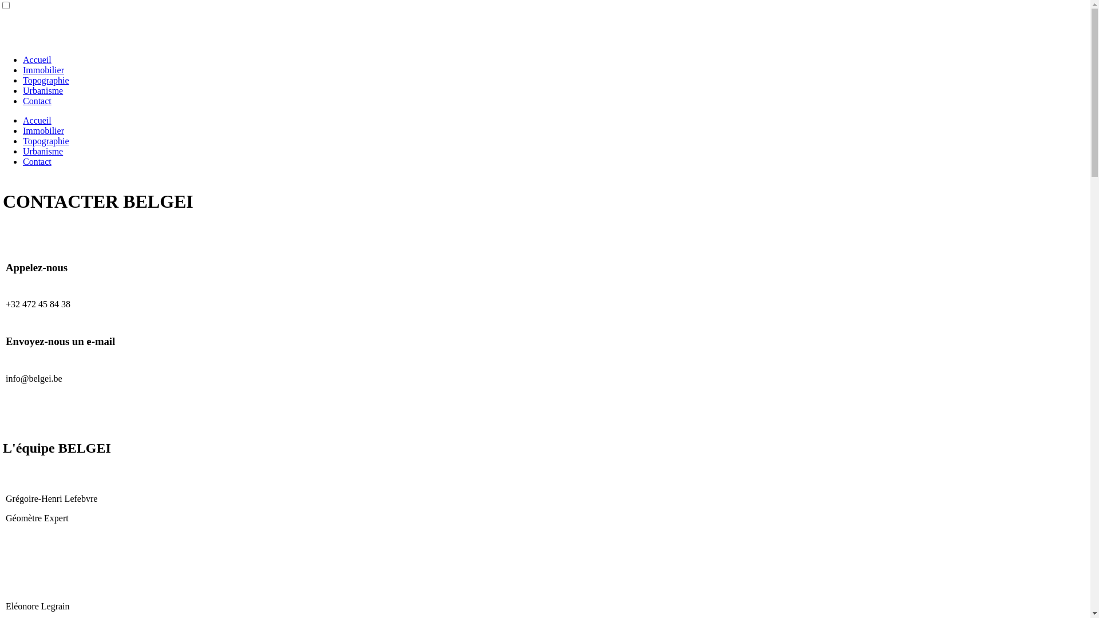  What do you see at coordinates (44, 130) in the screenshot?
I see `'Immobilier'` at bounding box center [44, 130].